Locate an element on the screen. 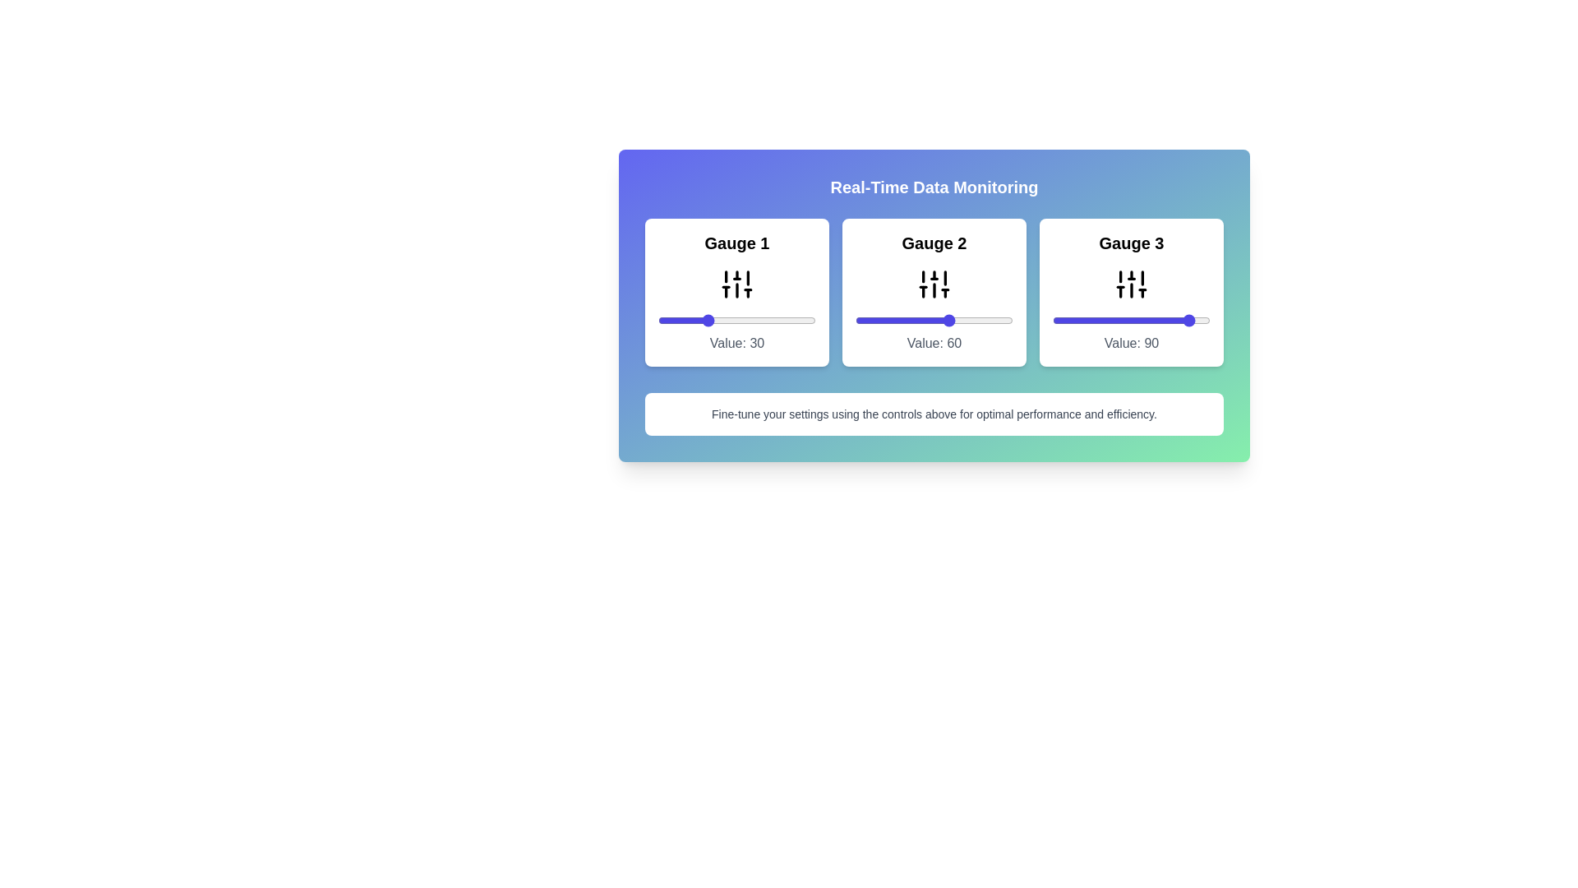 The image size is (1578, 888). the slider is located at coordinates (914, 320).